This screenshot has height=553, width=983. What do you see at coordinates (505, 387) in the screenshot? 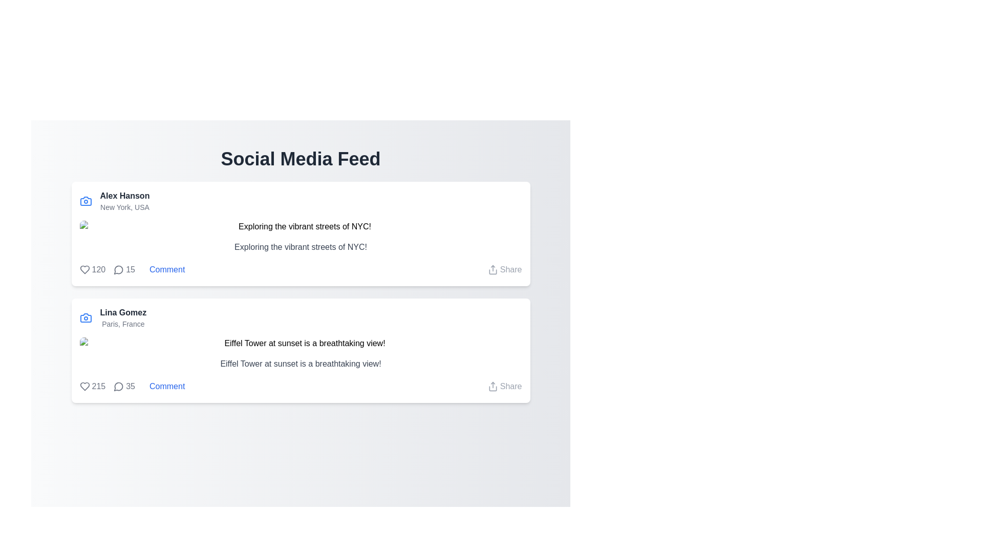
I see `the share button located in the lower right corner of the second post to observe a change in styling` at bounding box center [505, 387].